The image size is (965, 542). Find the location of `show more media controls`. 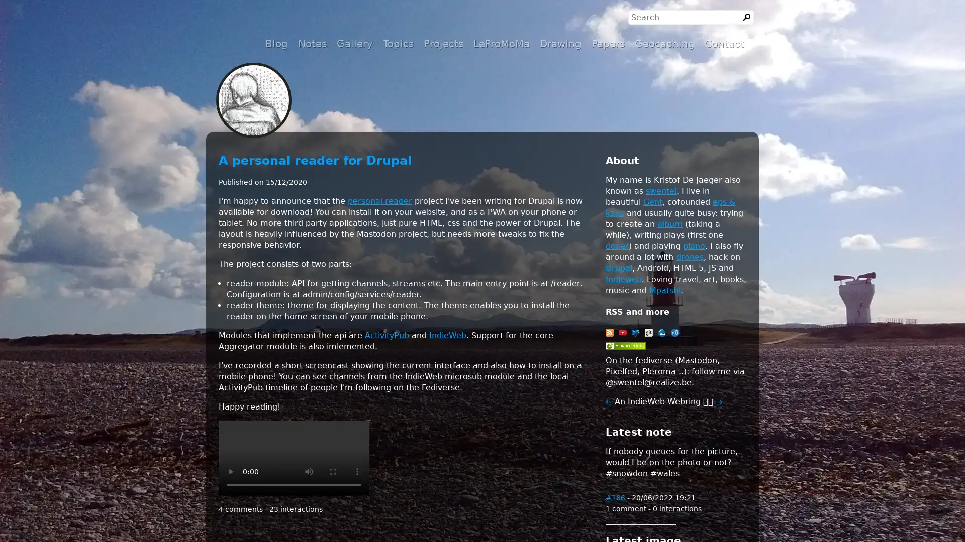

show more media controls is located at coordinates (357, 471).